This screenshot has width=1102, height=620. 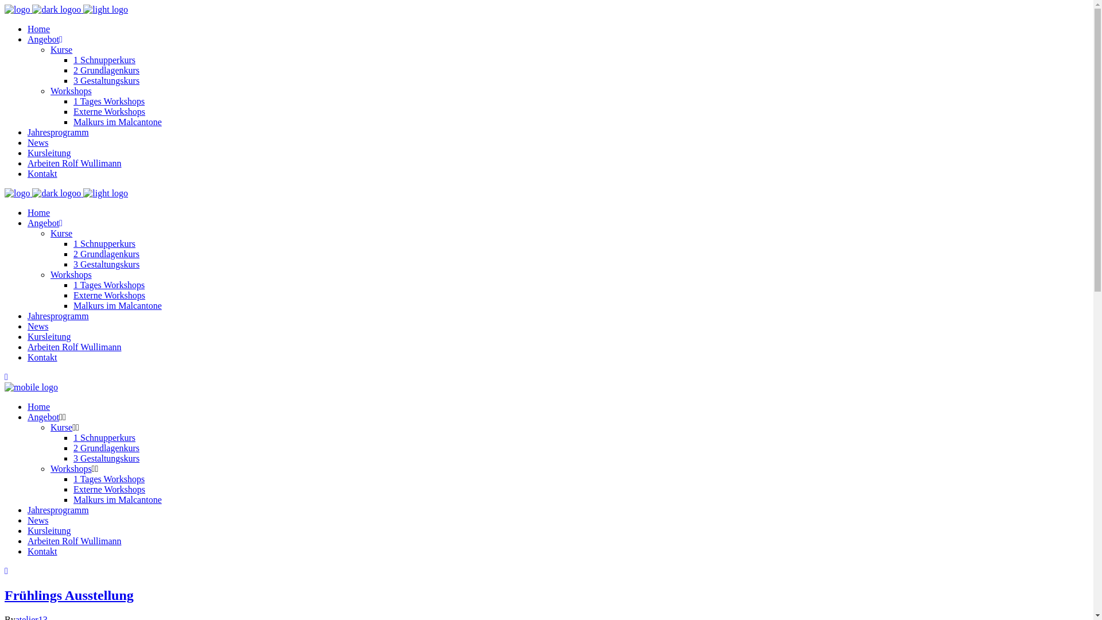 What do you see at coordinates (109, 284) in the screenshot?
I see `'1 Tages Workshops'` at bounding box center [109, 284].